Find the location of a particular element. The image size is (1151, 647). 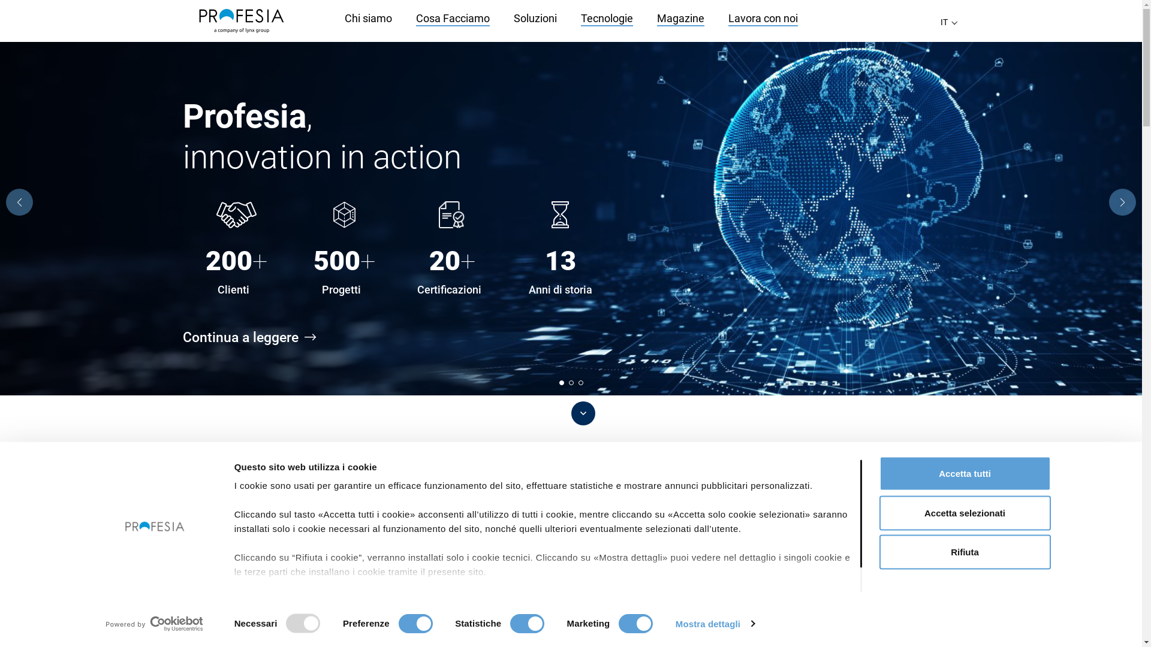

'Accetta tutti' is located at coordinates (878, 473).